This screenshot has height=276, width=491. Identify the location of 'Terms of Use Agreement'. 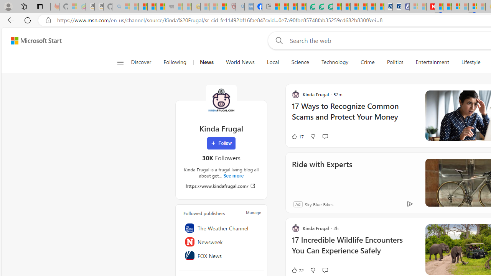
(319, 7).